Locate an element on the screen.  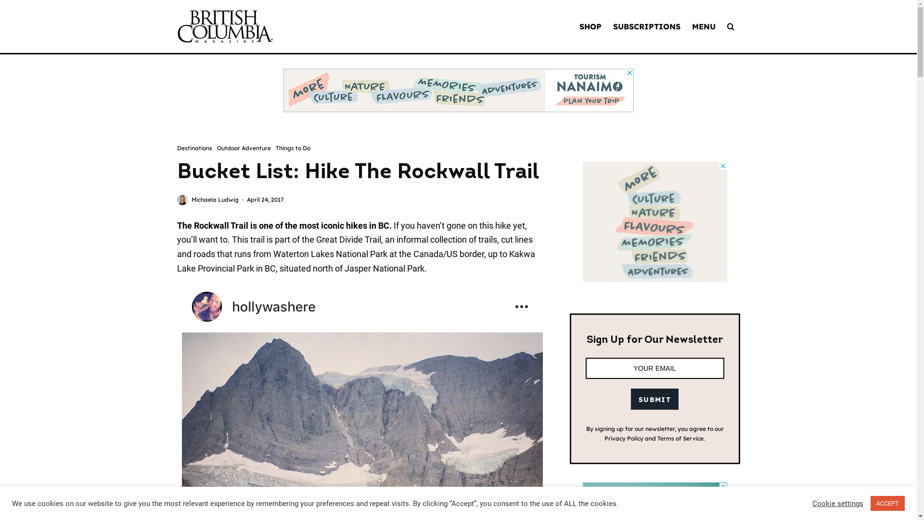
'Things to Do' is located at coordinates (292, 148).